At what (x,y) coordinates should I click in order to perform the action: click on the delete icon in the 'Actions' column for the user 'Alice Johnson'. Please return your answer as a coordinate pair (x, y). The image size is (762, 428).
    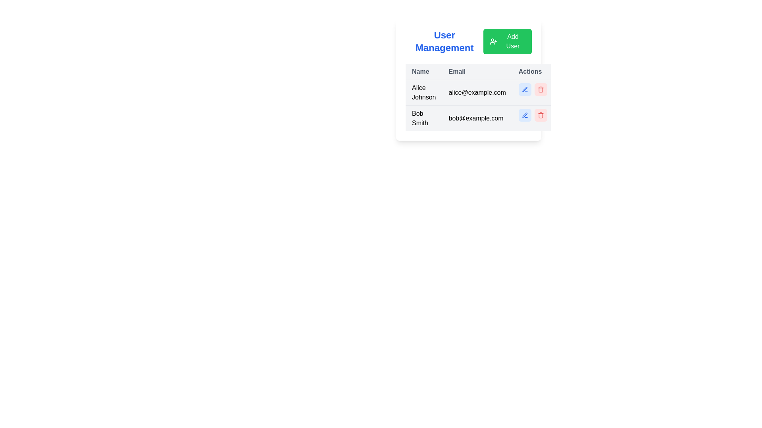
    Looking at the image, I should click on (540, 89).